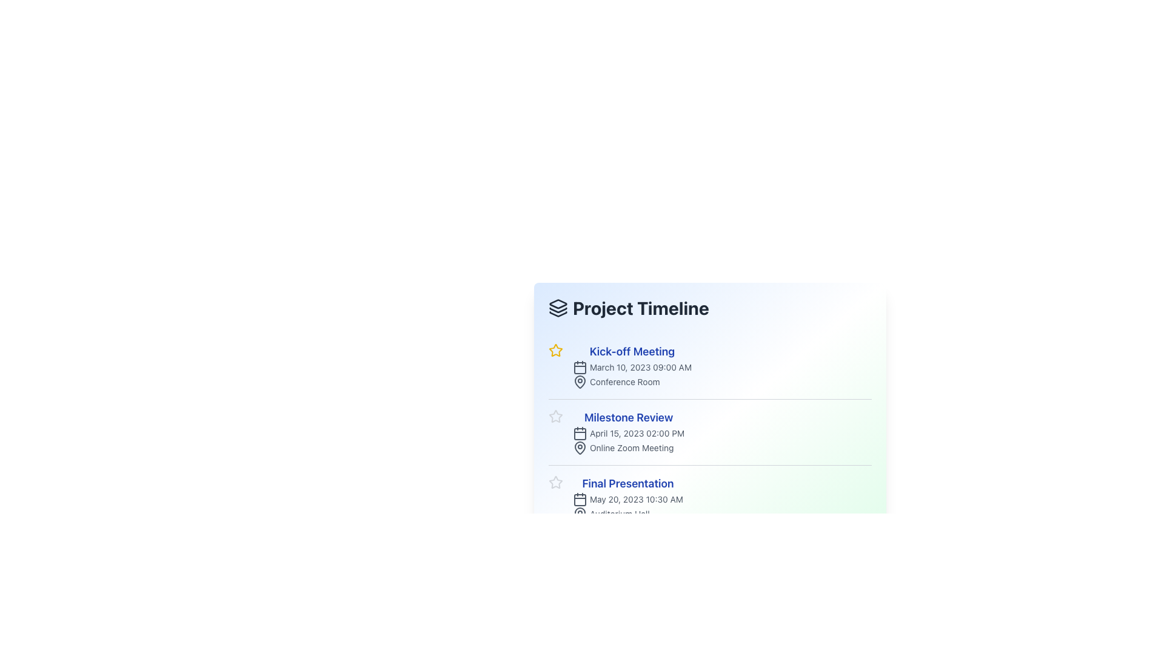 The image size is (1164, 654). Describe the element at coordinates (628, 514) in the screenshot. I see `the location descriptor element labeled 'Auditorium Hall', which includes an icon resembling a location pin and is styled in a small gray font` at that location.